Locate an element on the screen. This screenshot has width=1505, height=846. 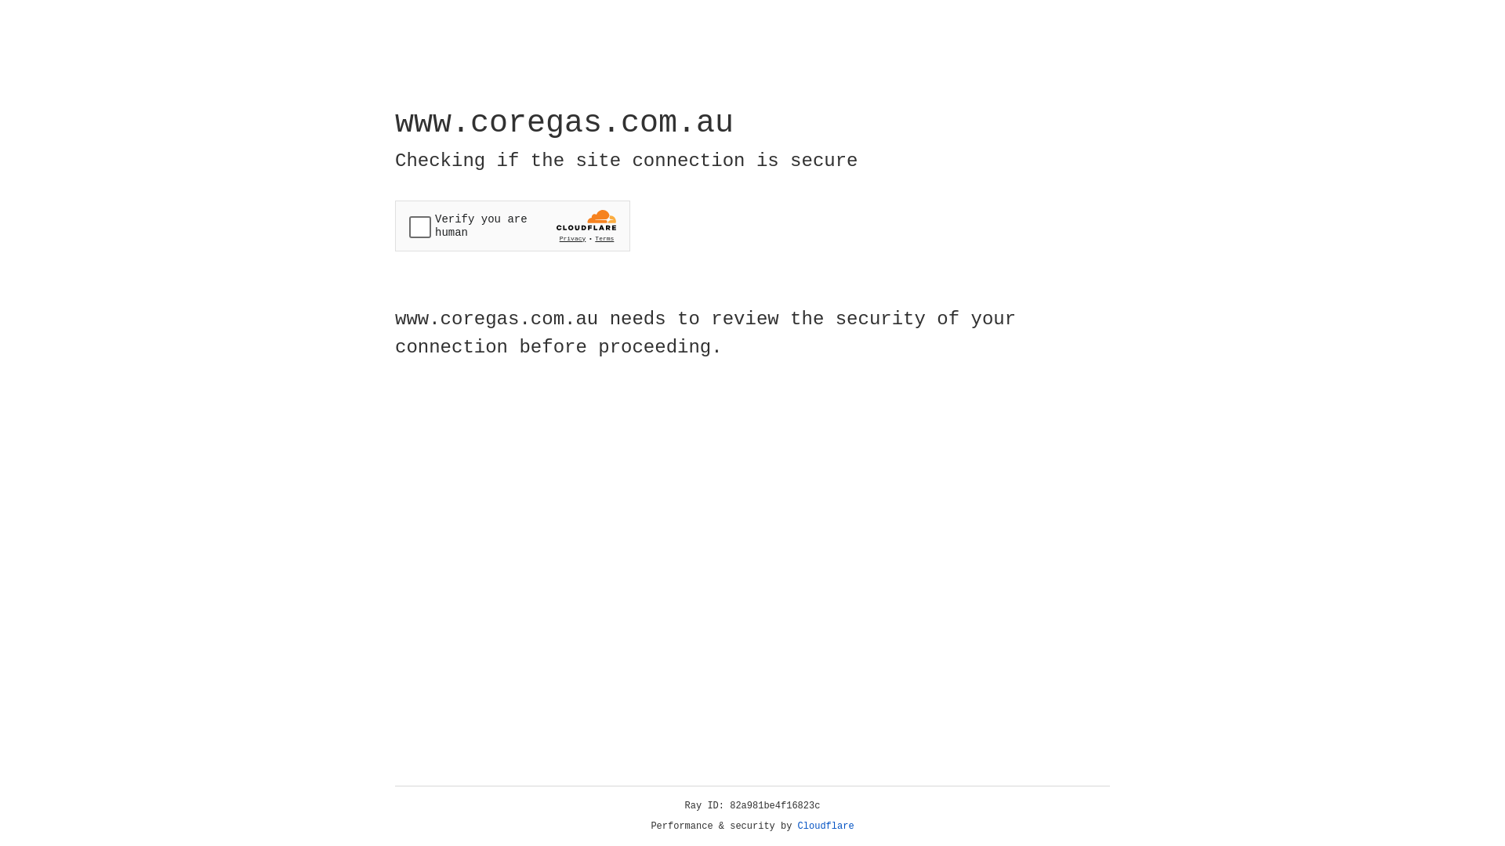
'Widget containing a Cloudflare security challenge' is located at coordinates (512, 226).